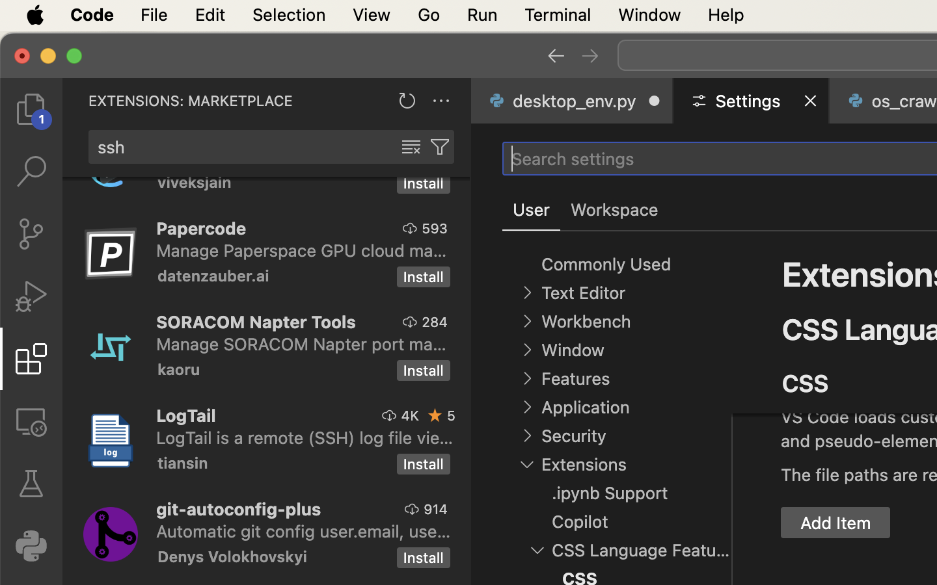  What do you see at coordinates (435, 415) in the screenshot?
I see `''` at bounding box center [435, 415].